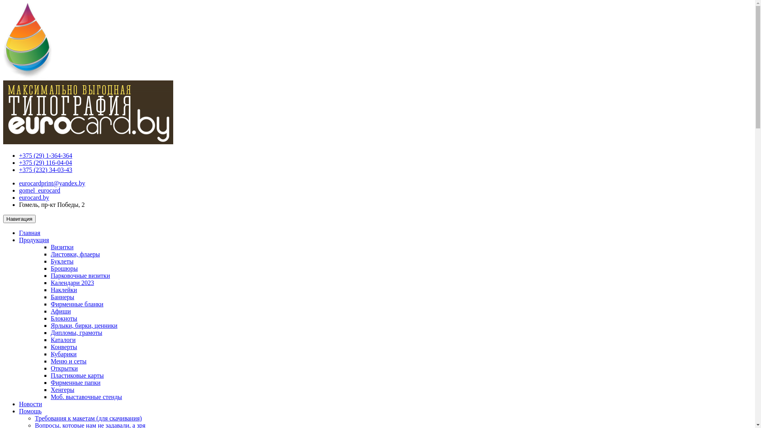 This screenshot has height=428, width=761. I want to click on 'gomel_eurocard', so click(39, 190).